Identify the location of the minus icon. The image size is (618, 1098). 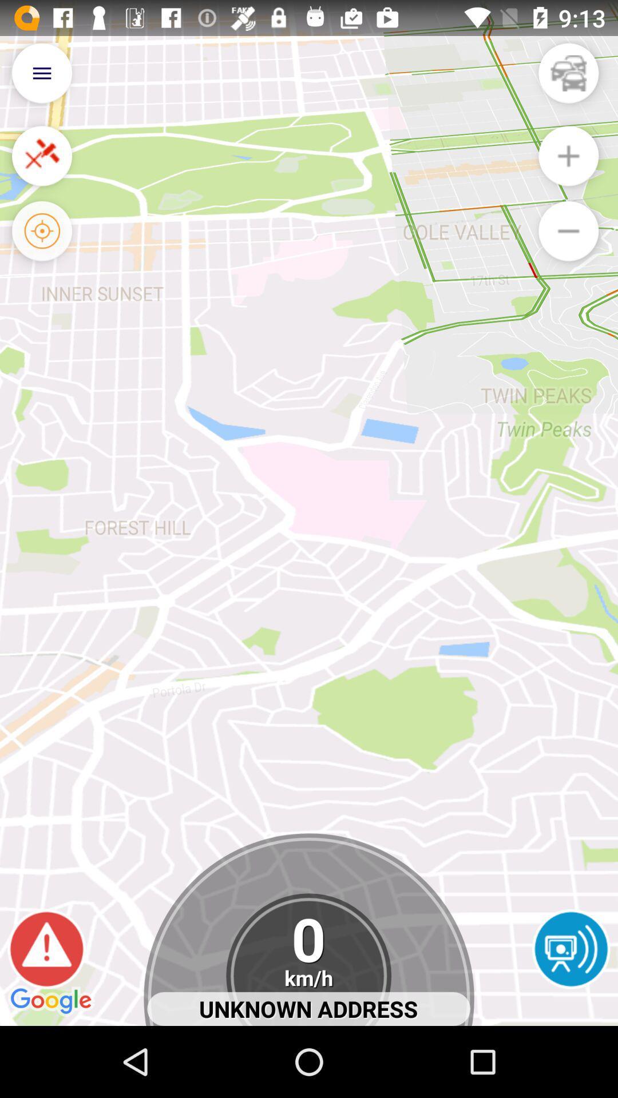
(568, 246).